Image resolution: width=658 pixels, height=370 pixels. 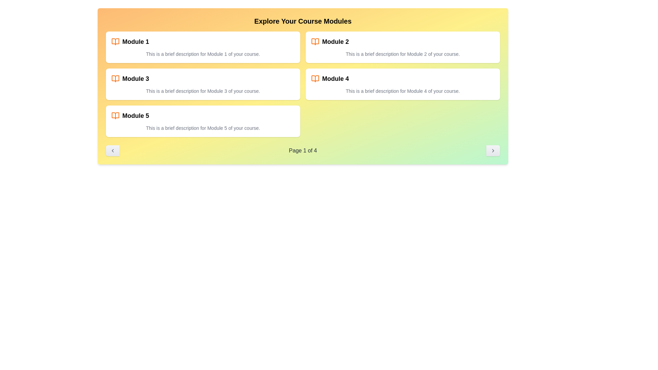 I want to click on text label displaying 'Module 1' which is located within the first module card on the left of the top row in a grid layout, accompanied by an orange icon, so click(x=136, y=42).